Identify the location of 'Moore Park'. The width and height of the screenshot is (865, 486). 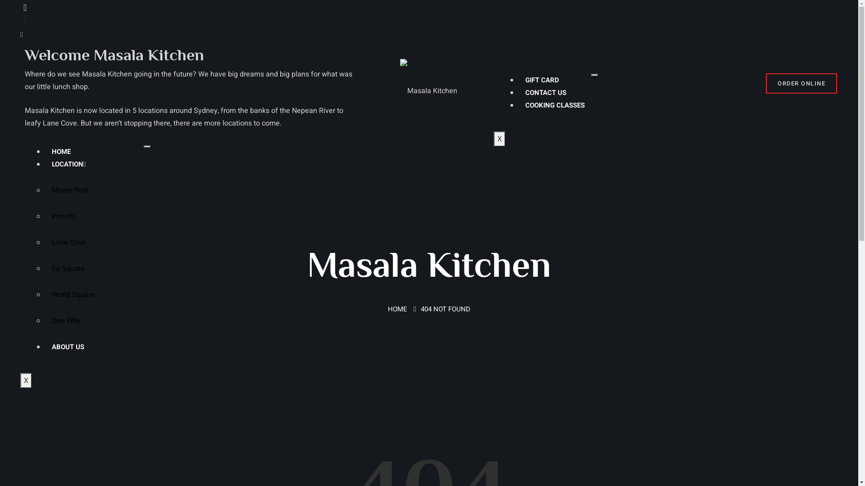
(95, 190).